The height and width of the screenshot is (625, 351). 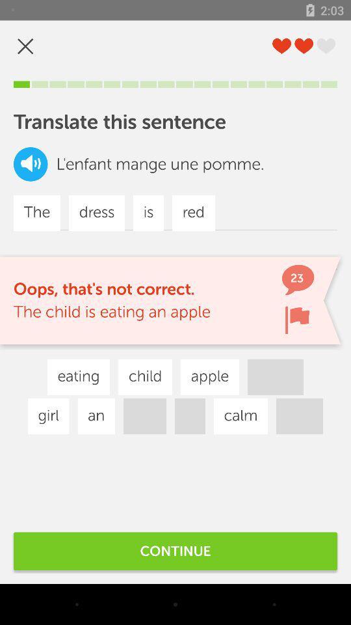 What do you see at coordinates (31, 163) in the screenshot?
I see `the volume icon` at bounding box center [31, 163].